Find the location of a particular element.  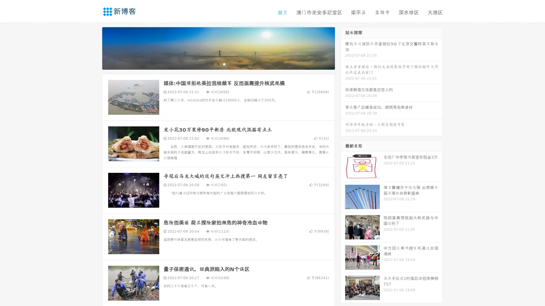

Previous slide is located at coordinates (94, 48).